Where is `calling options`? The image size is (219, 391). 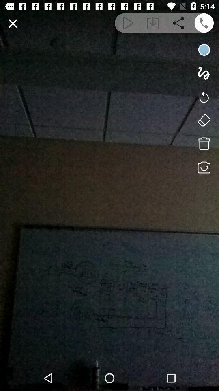 calling options is located at coordinates (204, 22).